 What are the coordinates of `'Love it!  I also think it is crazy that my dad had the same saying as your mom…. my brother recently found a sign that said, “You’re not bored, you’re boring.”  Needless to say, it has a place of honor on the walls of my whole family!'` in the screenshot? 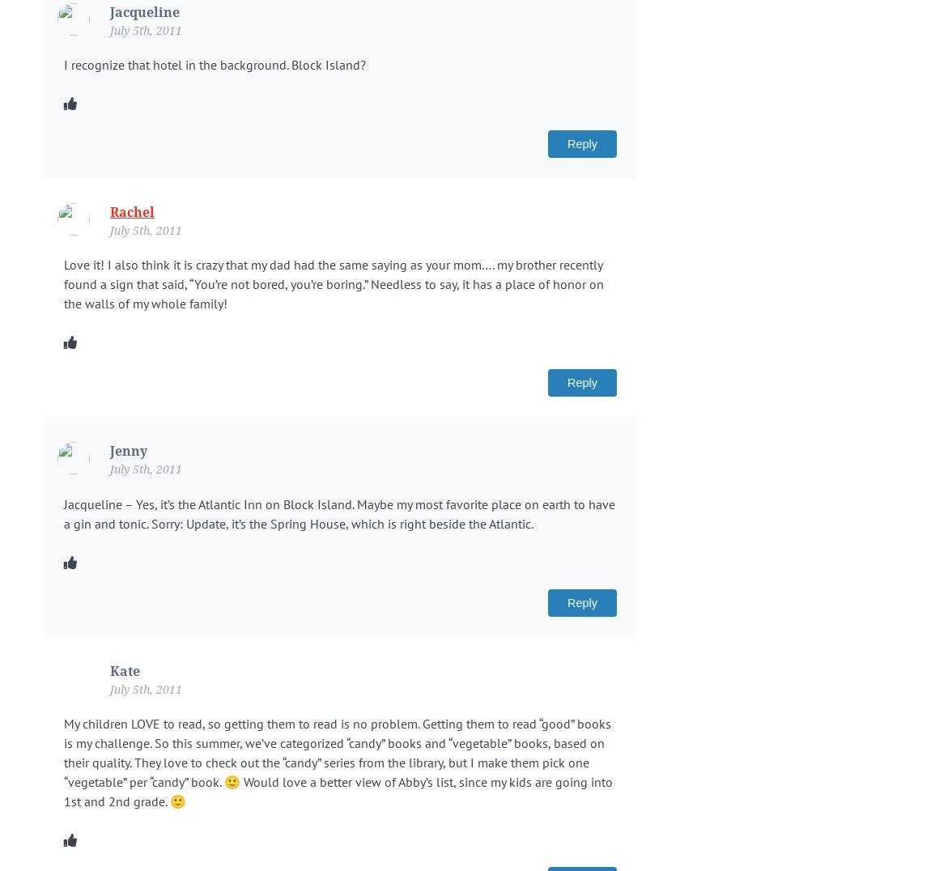 It's located at (334, 283).